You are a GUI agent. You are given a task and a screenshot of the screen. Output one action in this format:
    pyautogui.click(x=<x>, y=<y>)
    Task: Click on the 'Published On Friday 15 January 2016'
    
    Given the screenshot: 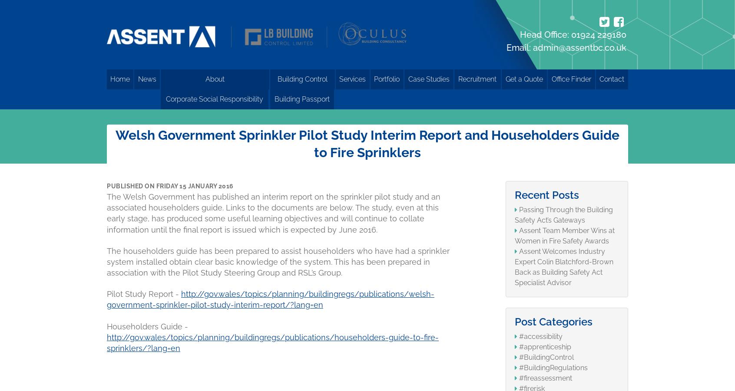 What is the action you would take?
    pyautogui.click(x=170, y=185)
    